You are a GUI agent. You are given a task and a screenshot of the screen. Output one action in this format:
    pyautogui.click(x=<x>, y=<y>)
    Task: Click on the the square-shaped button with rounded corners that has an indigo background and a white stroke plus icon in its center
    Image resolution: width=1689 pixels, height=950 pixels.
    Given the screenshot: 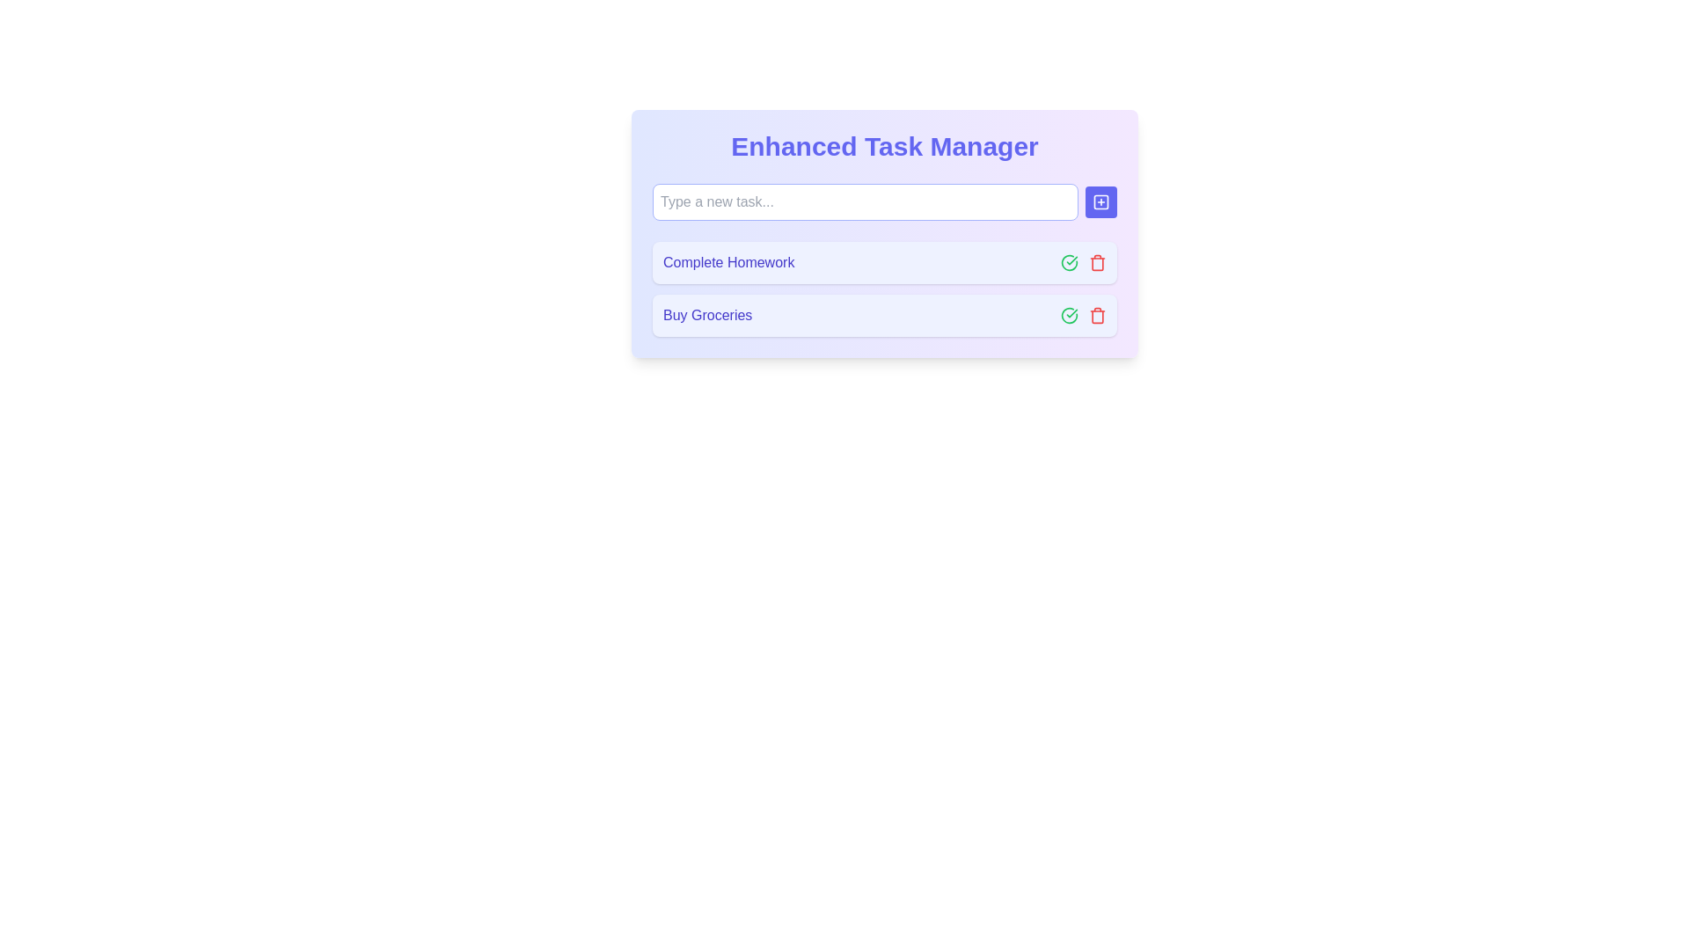 What is the action you would take?
    pyautogui.click(x=1100, y=201)
    